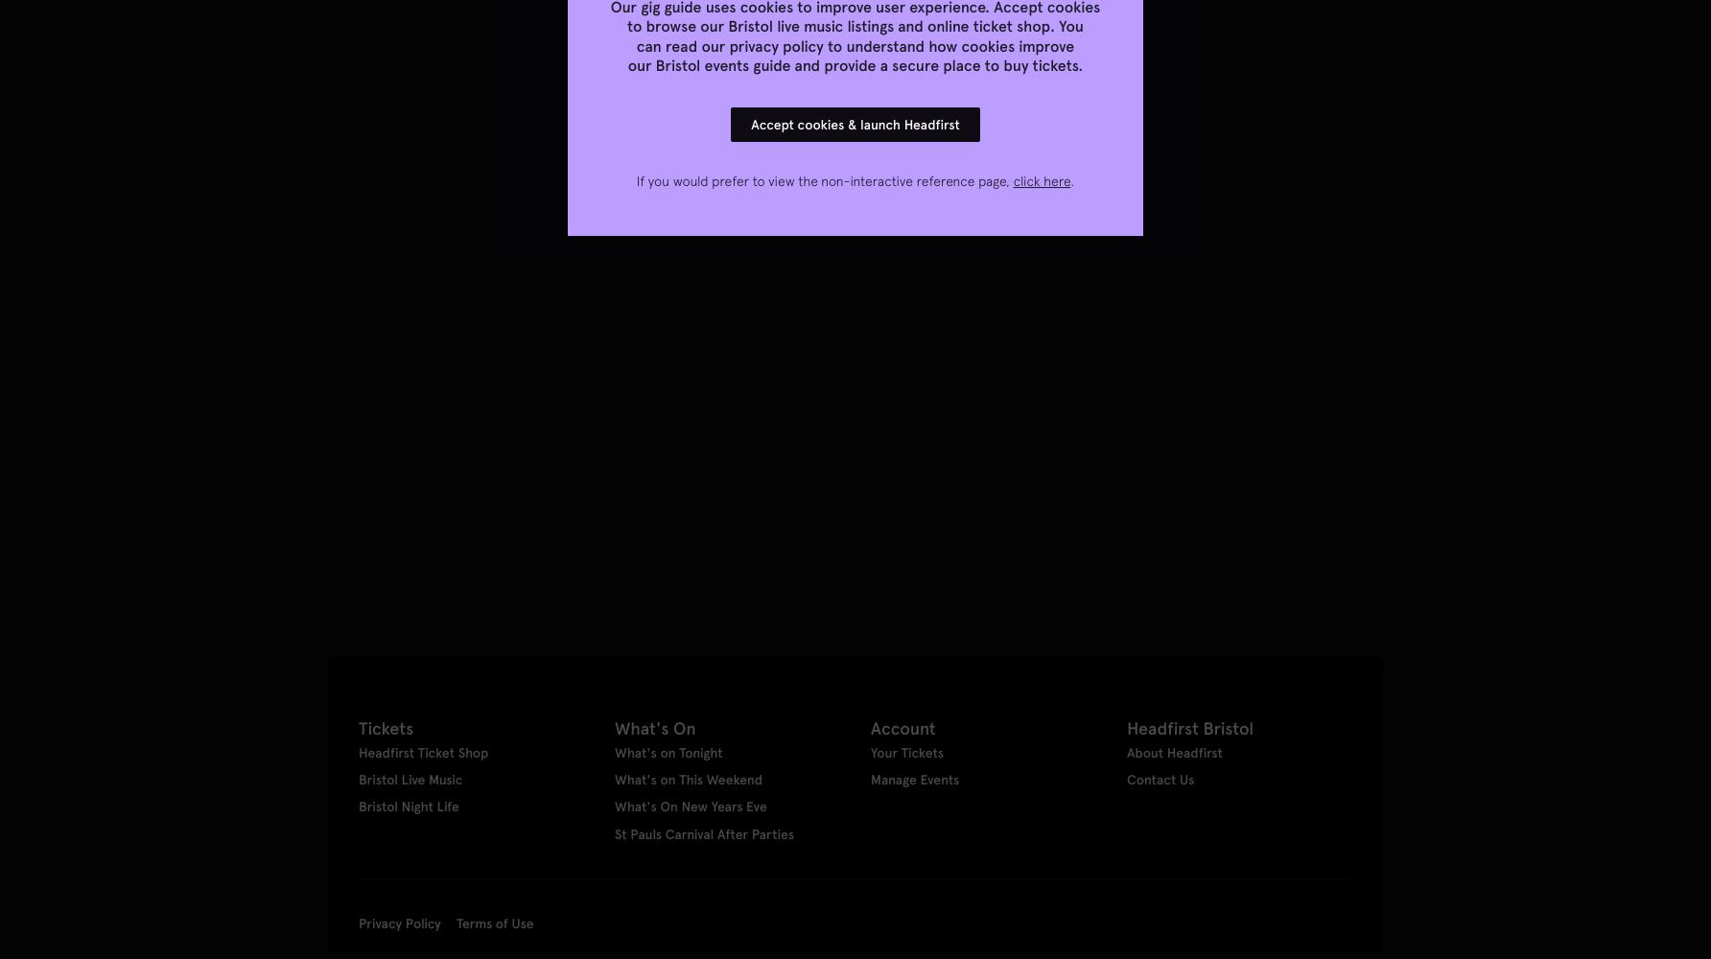 The height and width of the screenshot is (959, 1711). I want to click on 'Privacy Policy', so click(398, 922).